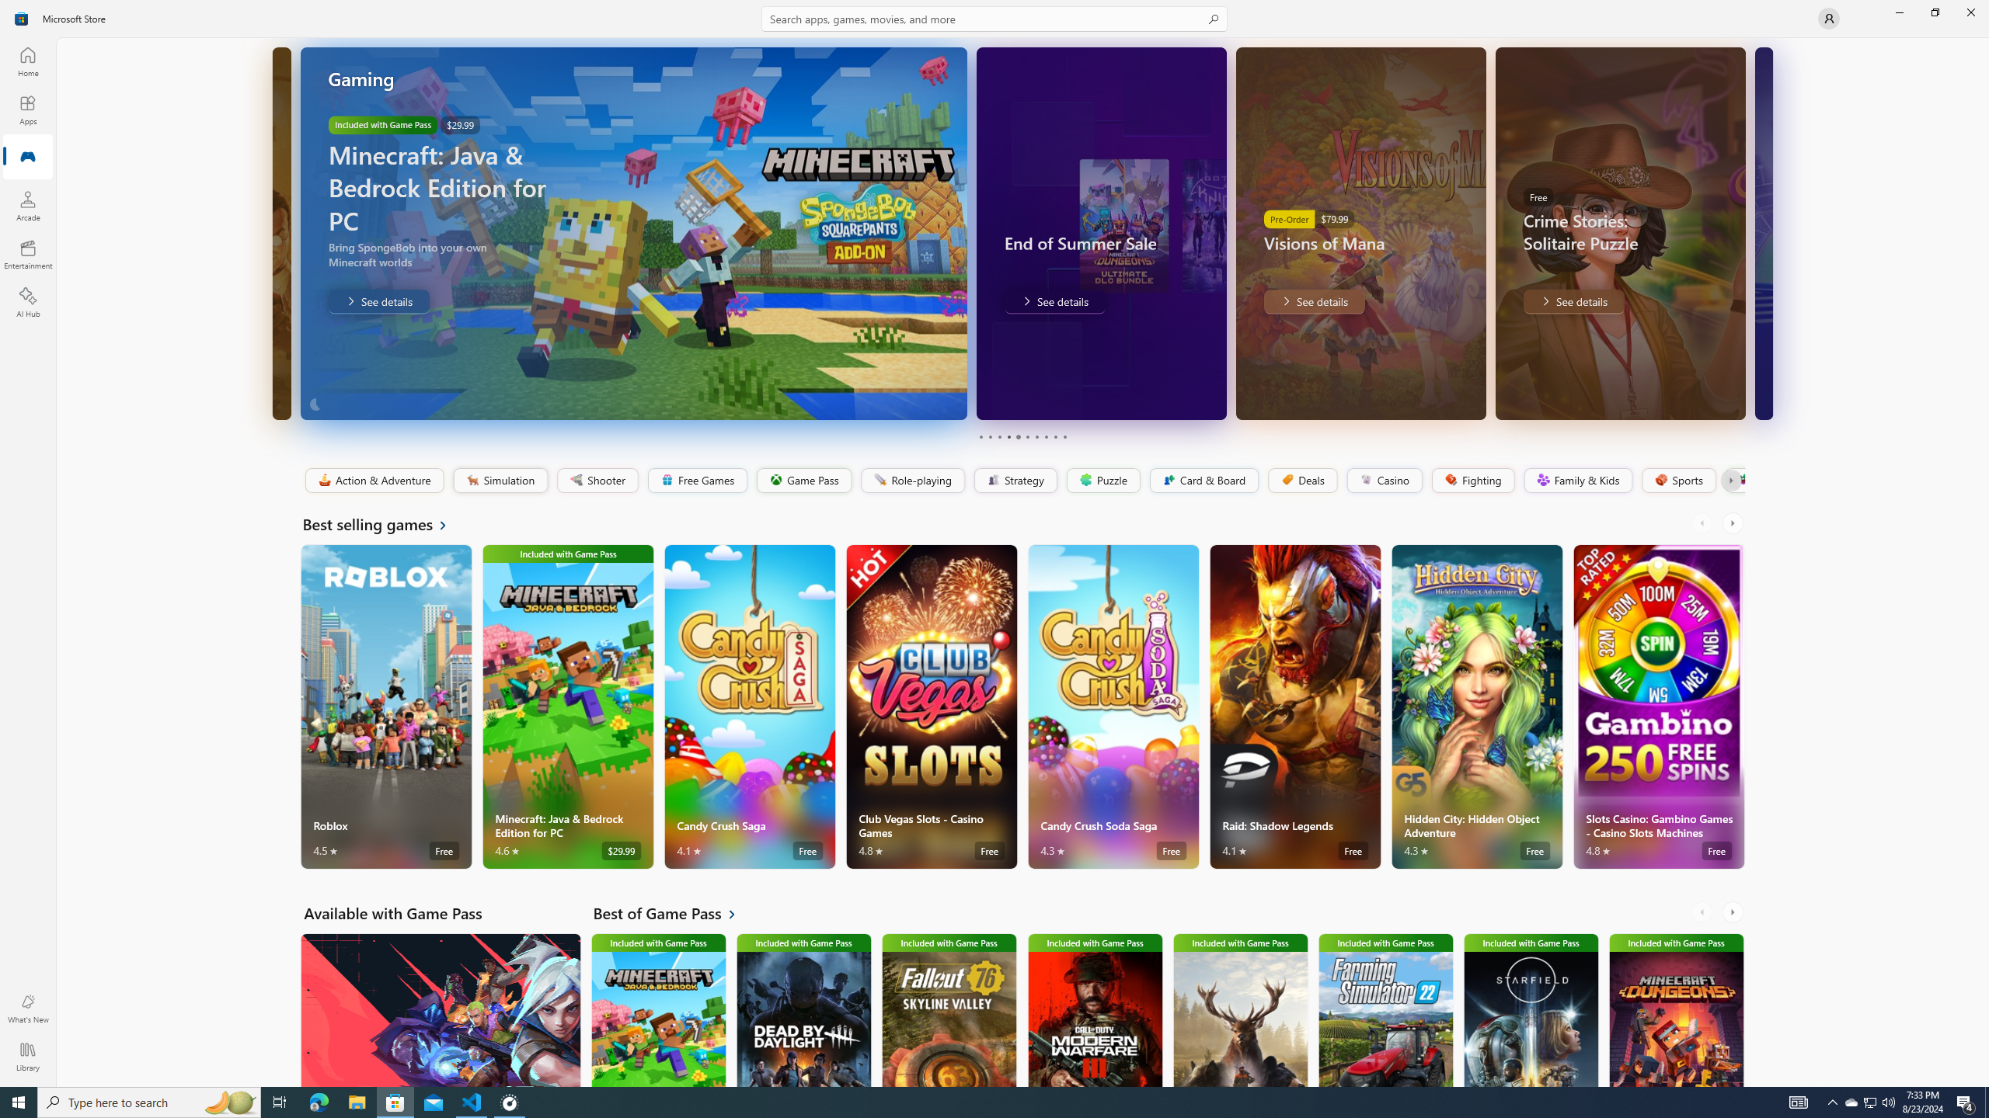 The height and width of the screenshot is (1118, 1989). I want to click on 'Puzzle', so click(1102, 480).